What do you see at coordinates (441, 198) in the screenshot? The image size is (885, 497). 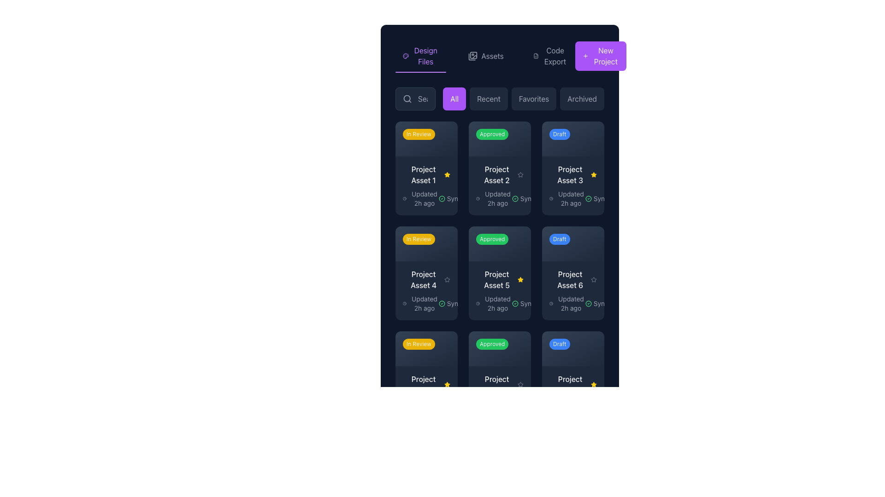 I see `the green checkmark icon indicating successful synchronization in the 'Synced' component, located to the left of the text 'Synced' at the bottom-left corner of the card titled 'Project Asset 1'` at bounding box center [441, 198].